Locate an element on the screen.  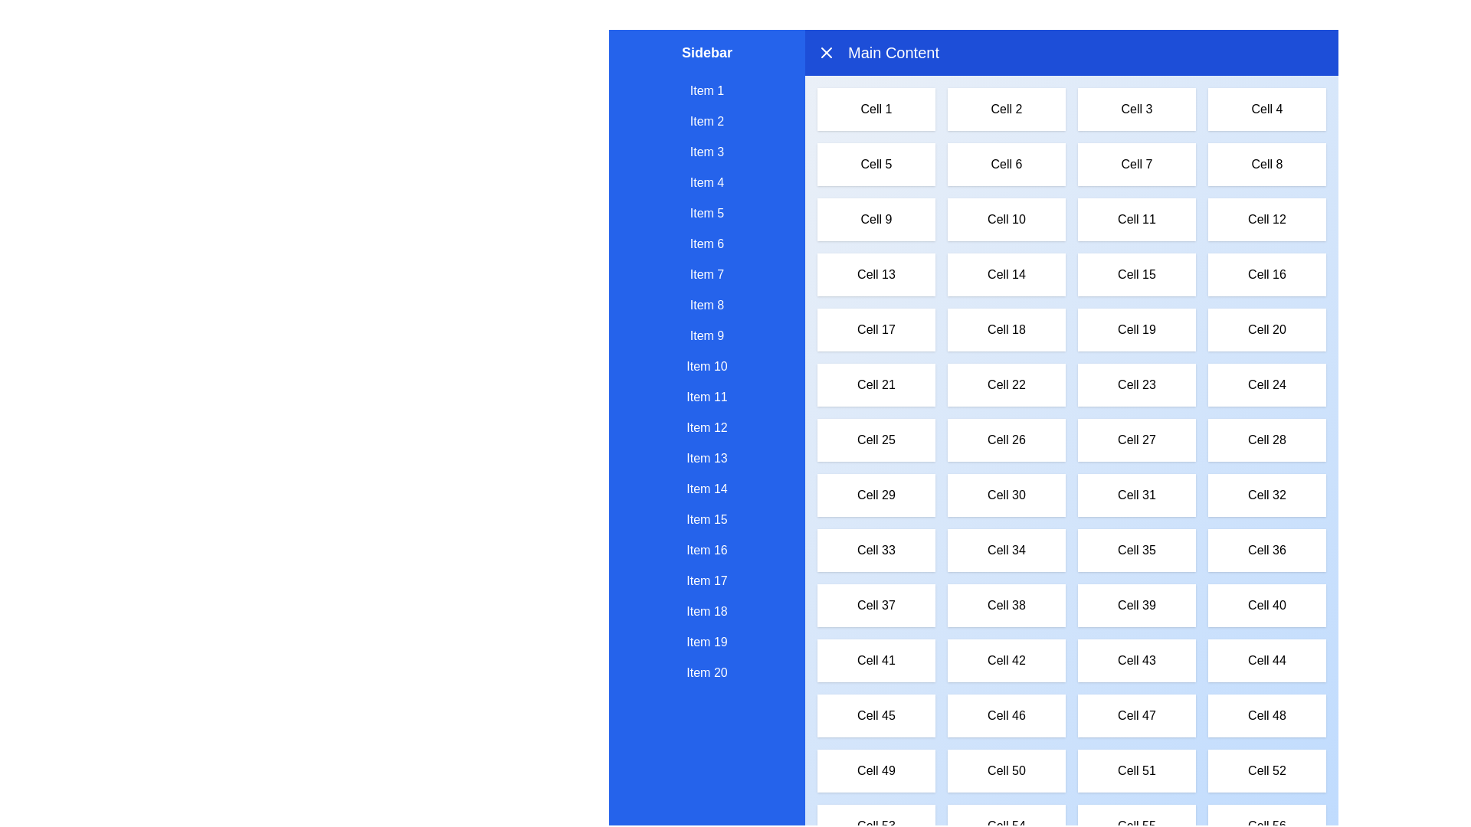
button in the header to toggle the sidebar visibility is located at coordinates (826, 52).